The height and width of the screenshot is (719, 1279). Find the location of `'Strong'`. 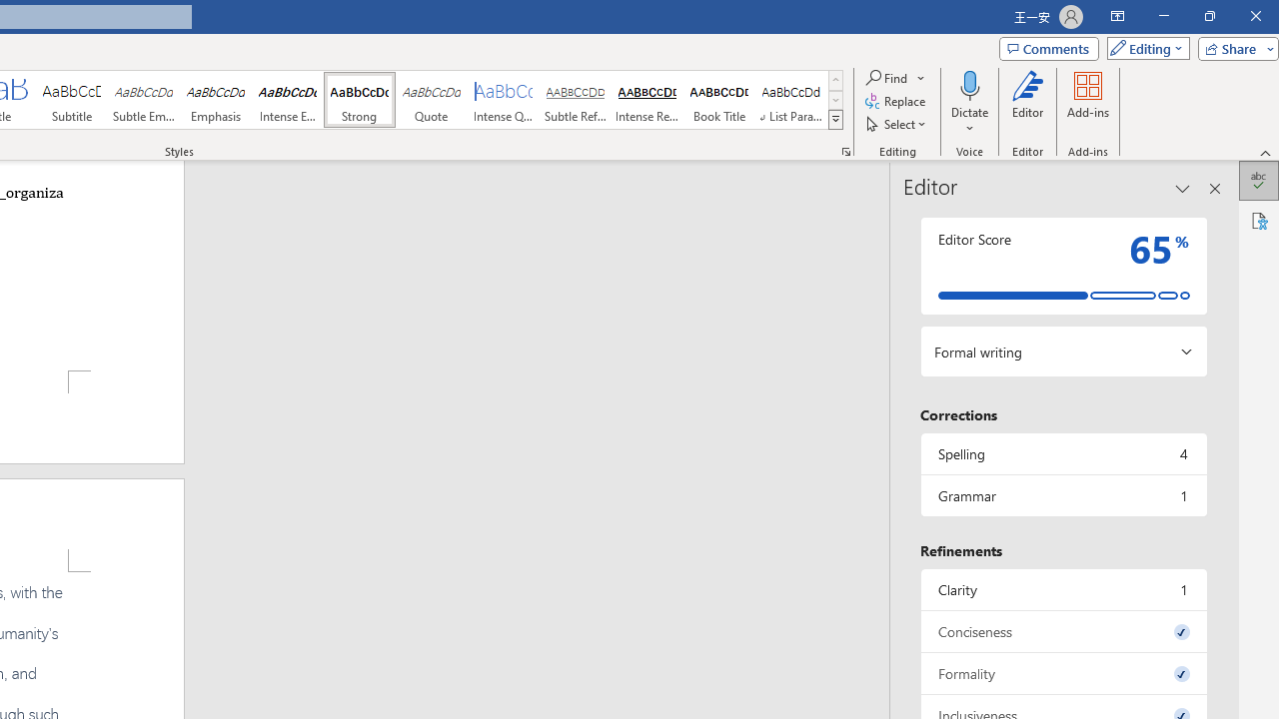

'Strong' is located at coordinates (359, 100).